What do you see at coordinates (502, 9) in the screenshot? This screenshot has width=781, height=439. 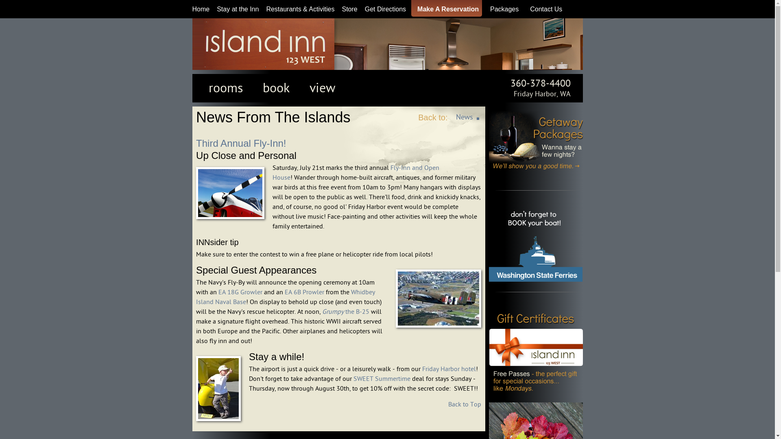 I see `'Packages'` at bounding box center [502, 9].